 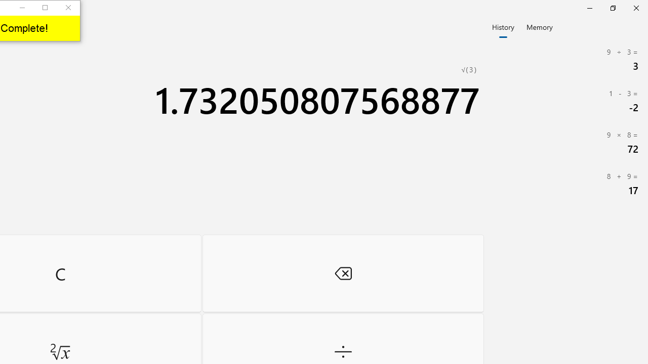 I want to click on 'History', so click(x=503, y=26).